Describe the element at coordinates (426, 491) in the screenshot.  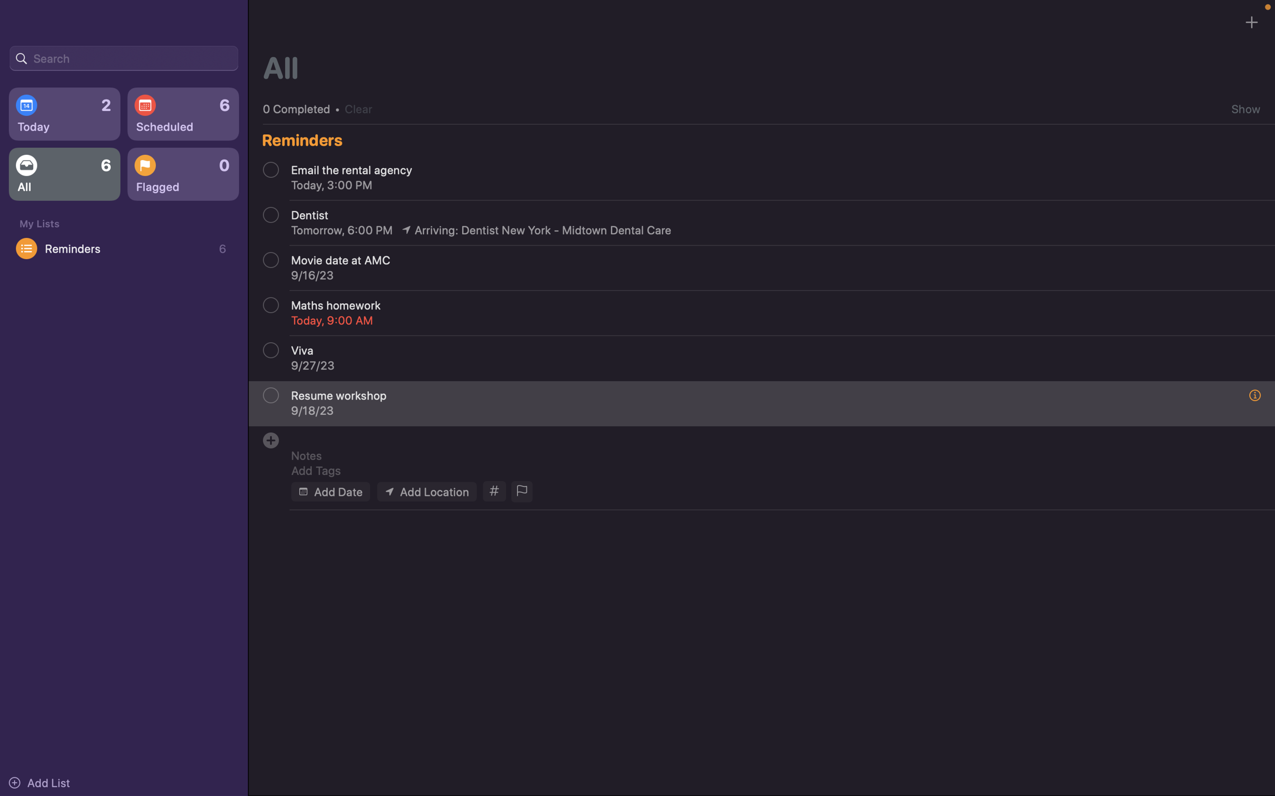
I see `Add location of the event as "Carnegie Mellon University"` at that location.